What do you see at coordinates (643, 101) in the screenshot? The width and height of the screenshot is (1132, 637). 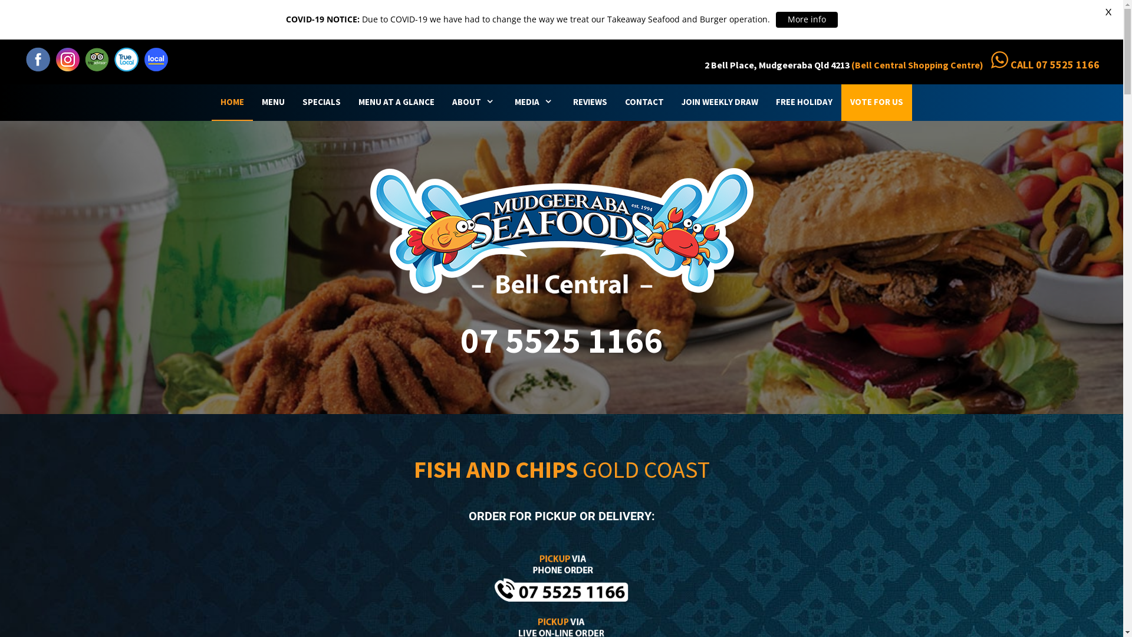 I see `'CONTACT'` at bounding box center [643, 101].